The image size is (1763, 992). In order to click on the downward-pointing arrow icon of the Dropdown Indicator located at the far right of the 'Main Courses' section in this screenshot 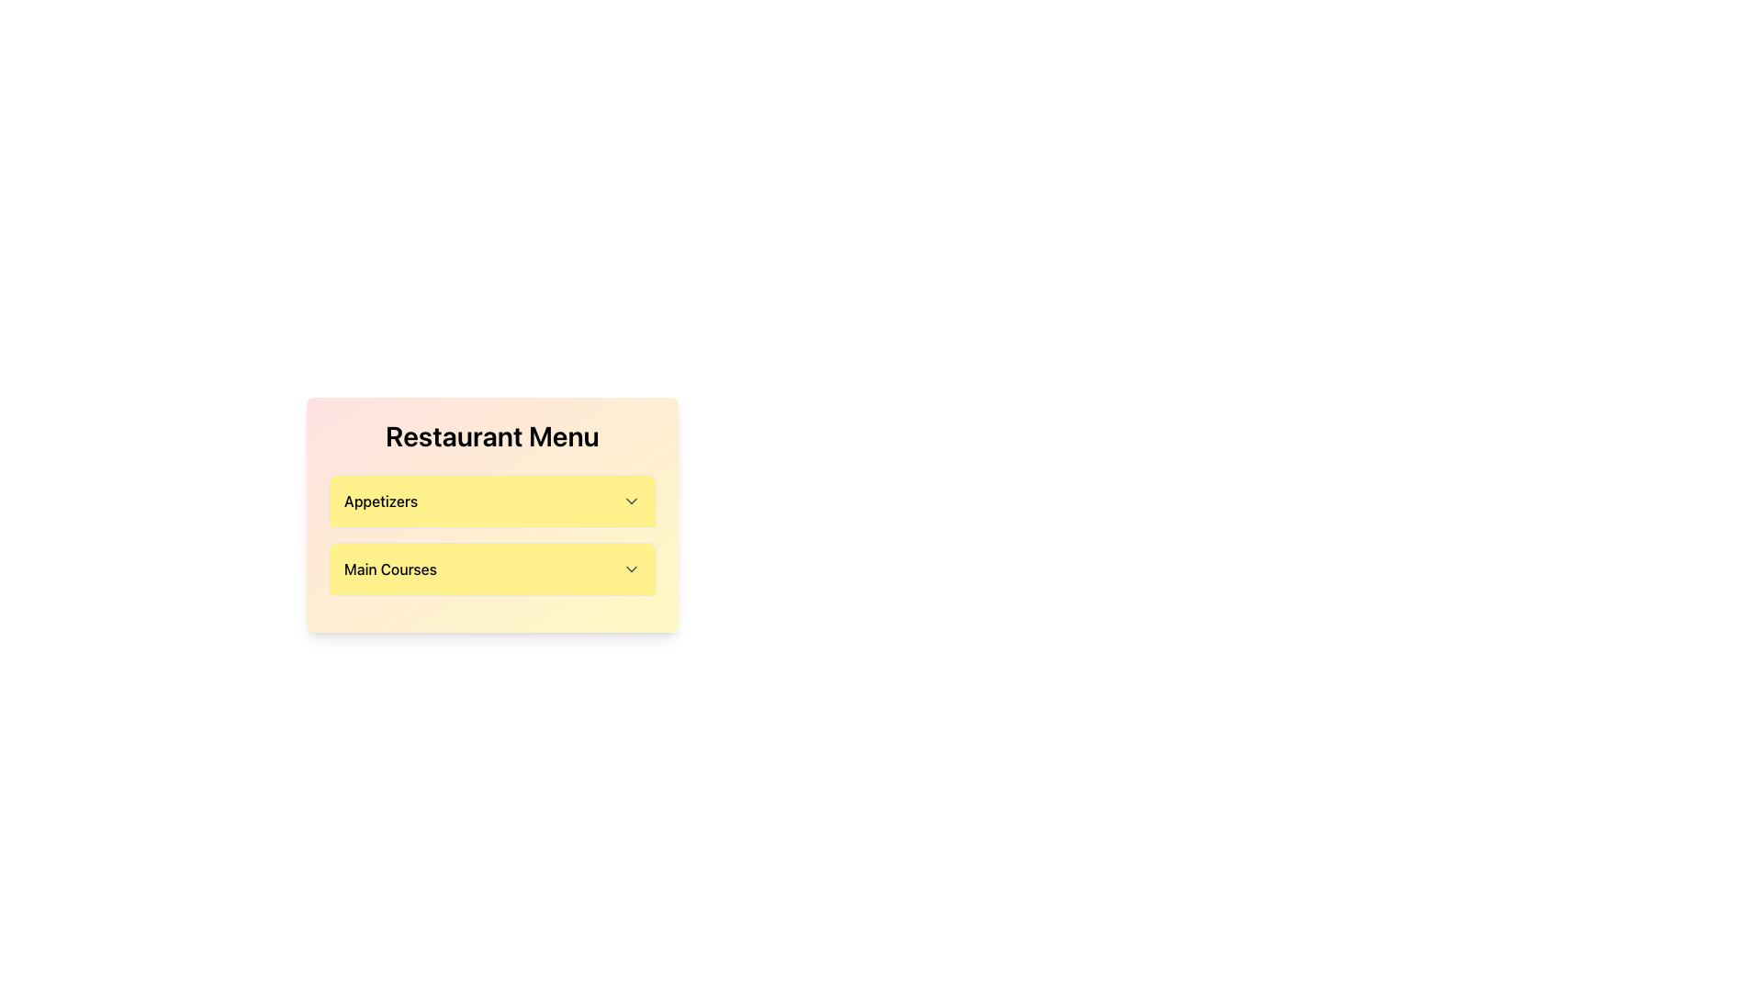, I will do `click(631, 569)`.